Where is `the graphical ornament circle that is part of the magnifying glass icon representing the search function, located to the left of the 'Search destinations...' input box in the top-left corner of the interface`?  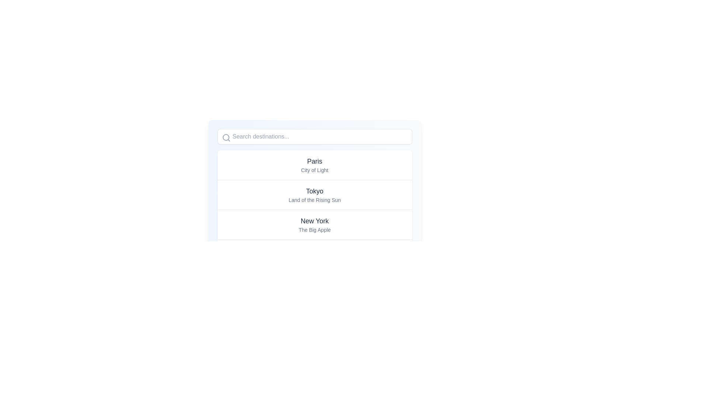
the graphical ornament circle that is part of the magnifying glass icon representing the search function, located to the left of the 'Search destinations...' input box in the top-left corner of the interface is located at coordinates (225, 137).